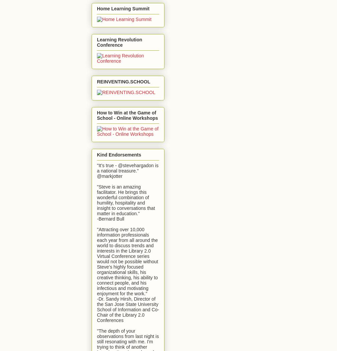  Describe the element at coordinates (97, 218) in the screenshot. I see `'-Bernard Bull'` at that location.